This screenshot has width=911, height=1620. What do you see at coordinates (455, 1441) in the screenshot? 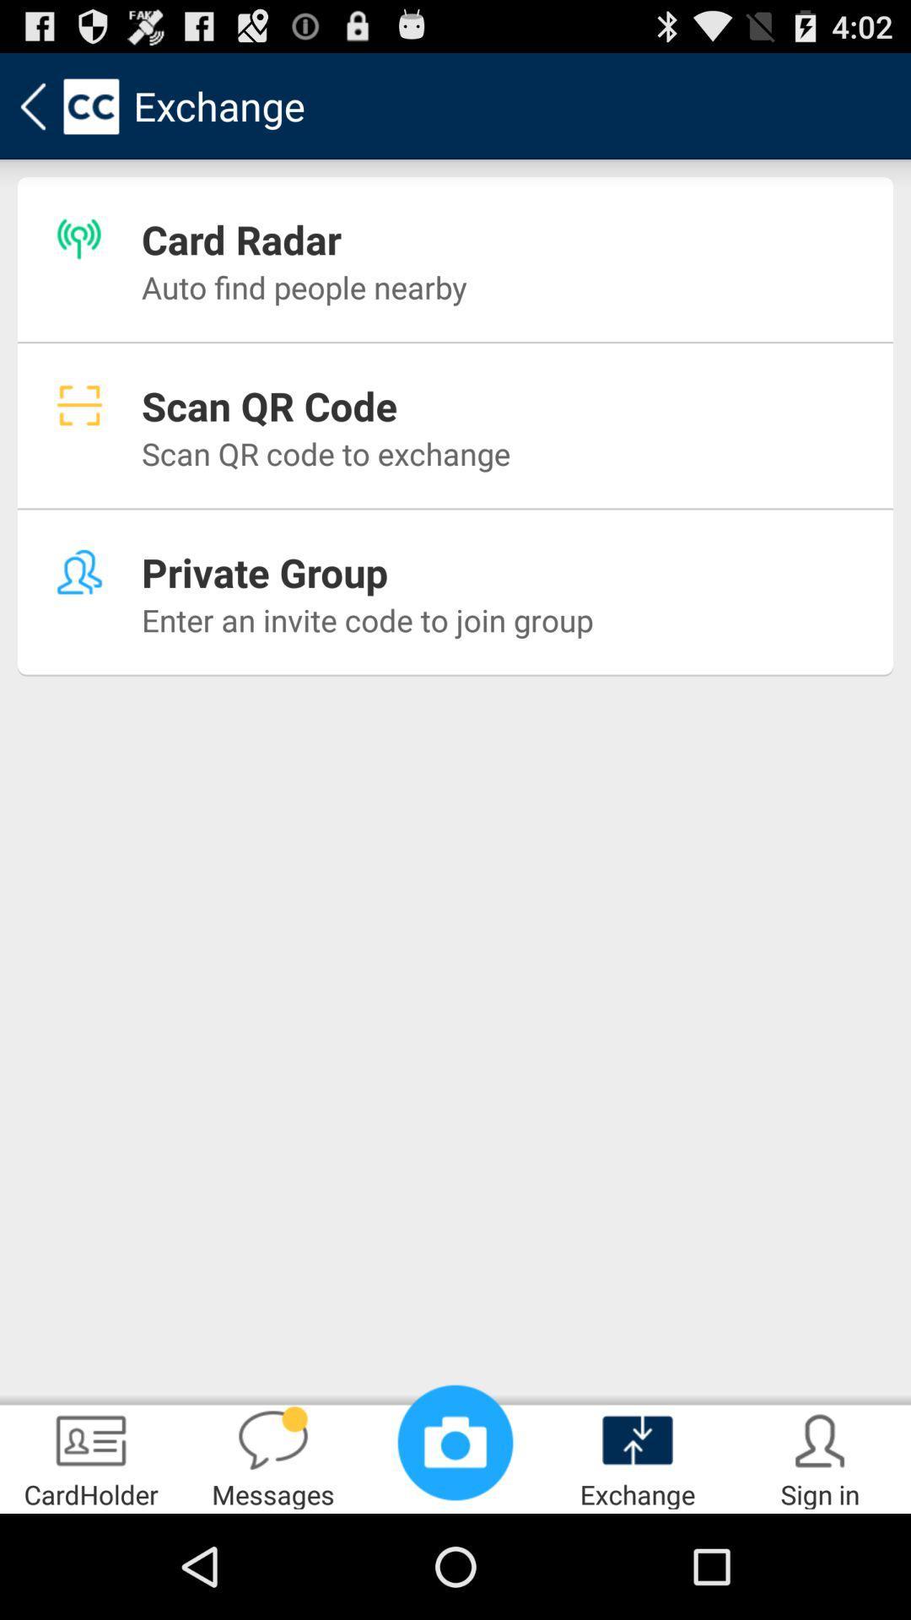
I see `icon next to the exchange item` at bounding box center [455, 1441].